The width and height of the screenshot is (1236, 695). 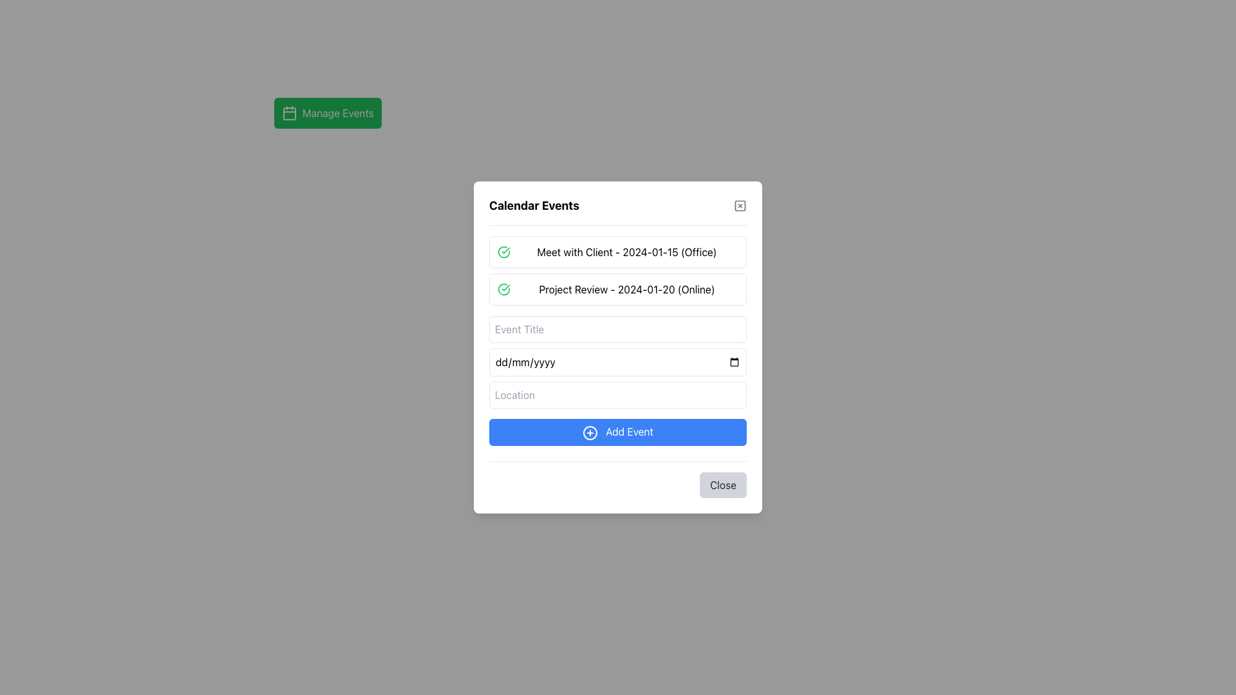 I want to click on the 'Manage Events' button, which has a green background and displays a calendar icon on the left side of the text, so click(x=328, y=113).